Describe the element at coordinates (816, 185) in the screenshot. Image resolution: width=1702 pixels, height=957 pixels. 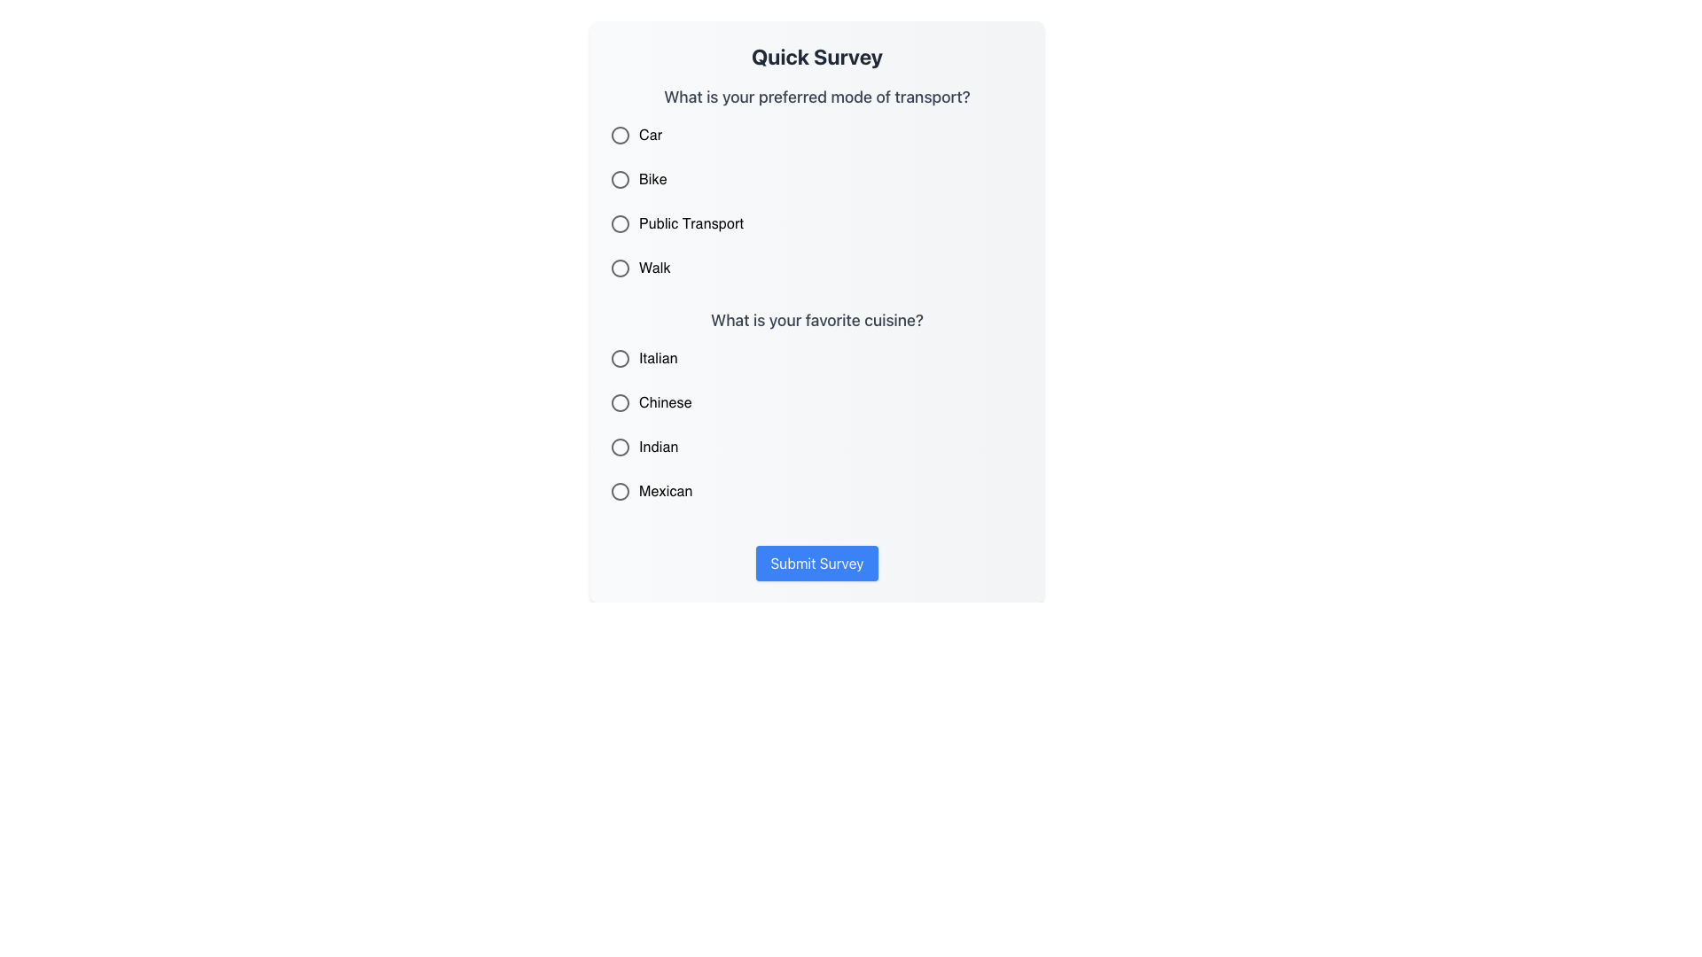
I see `one of the radio button options for the survey question 'What is your preferred mode of transport?' by clicking on it` at that location.